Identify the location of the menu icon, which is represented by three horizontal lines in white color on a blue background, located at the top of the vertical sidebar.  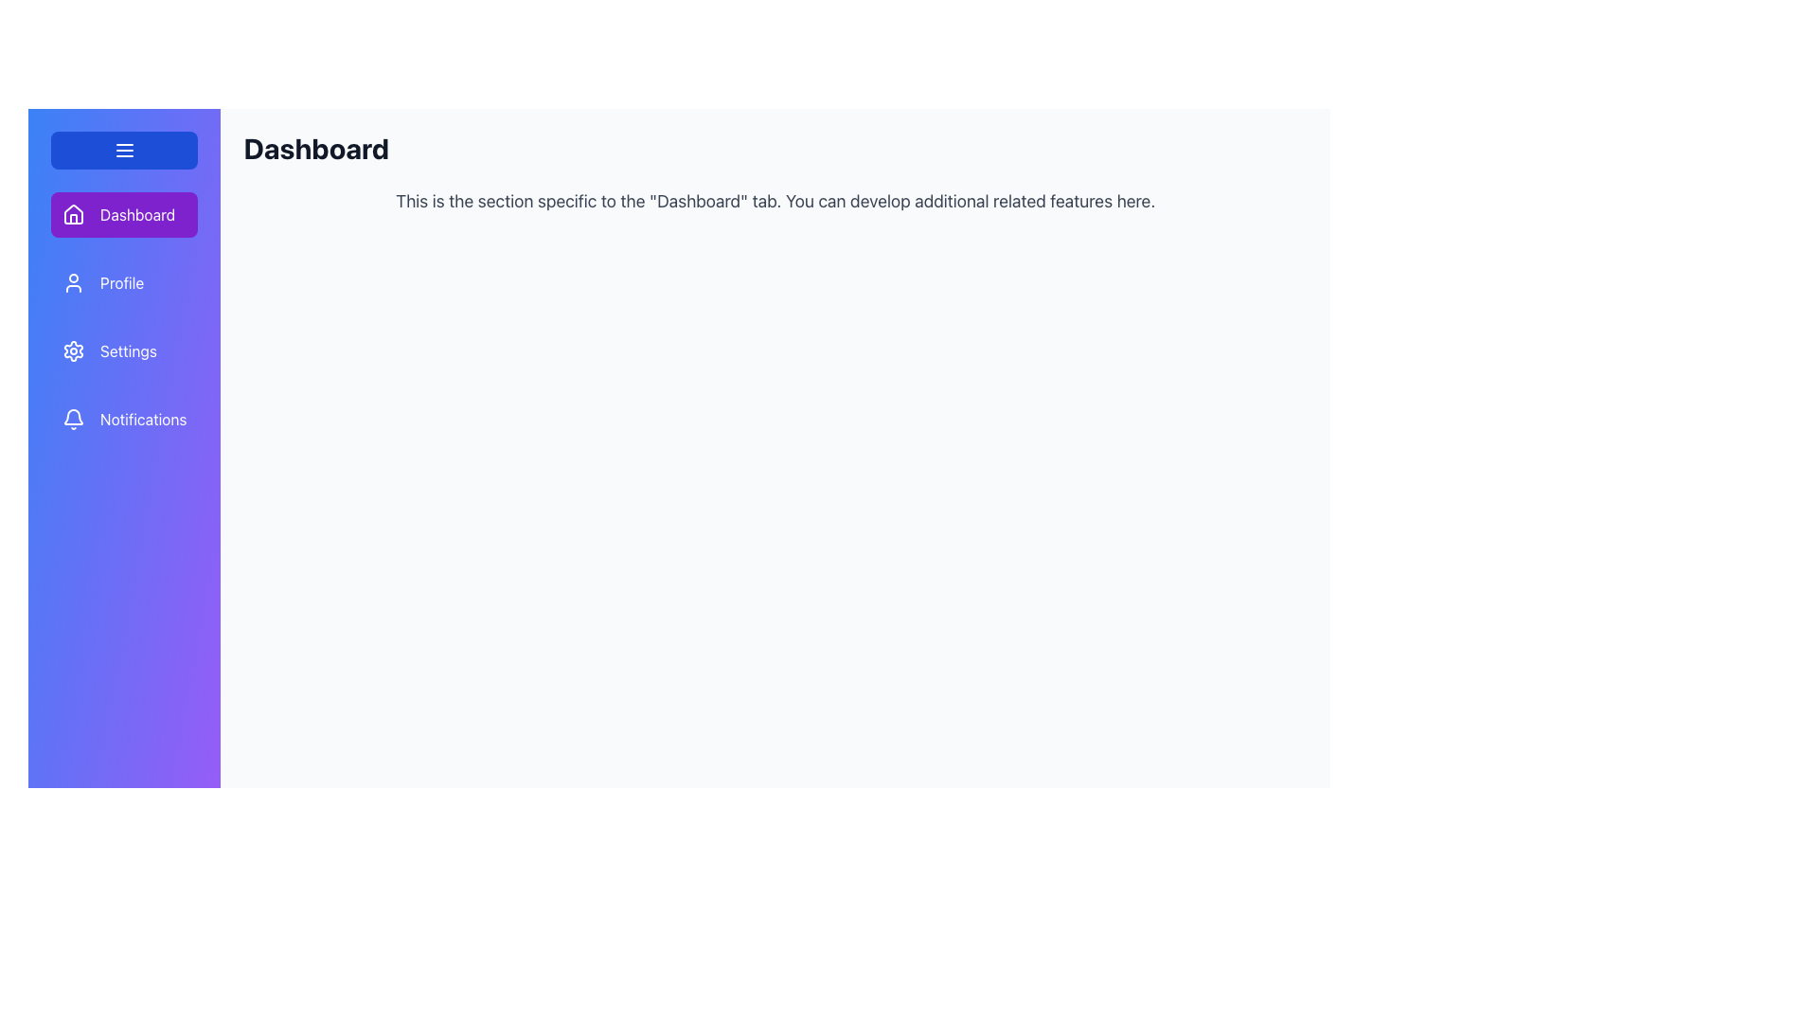
(123, 149).